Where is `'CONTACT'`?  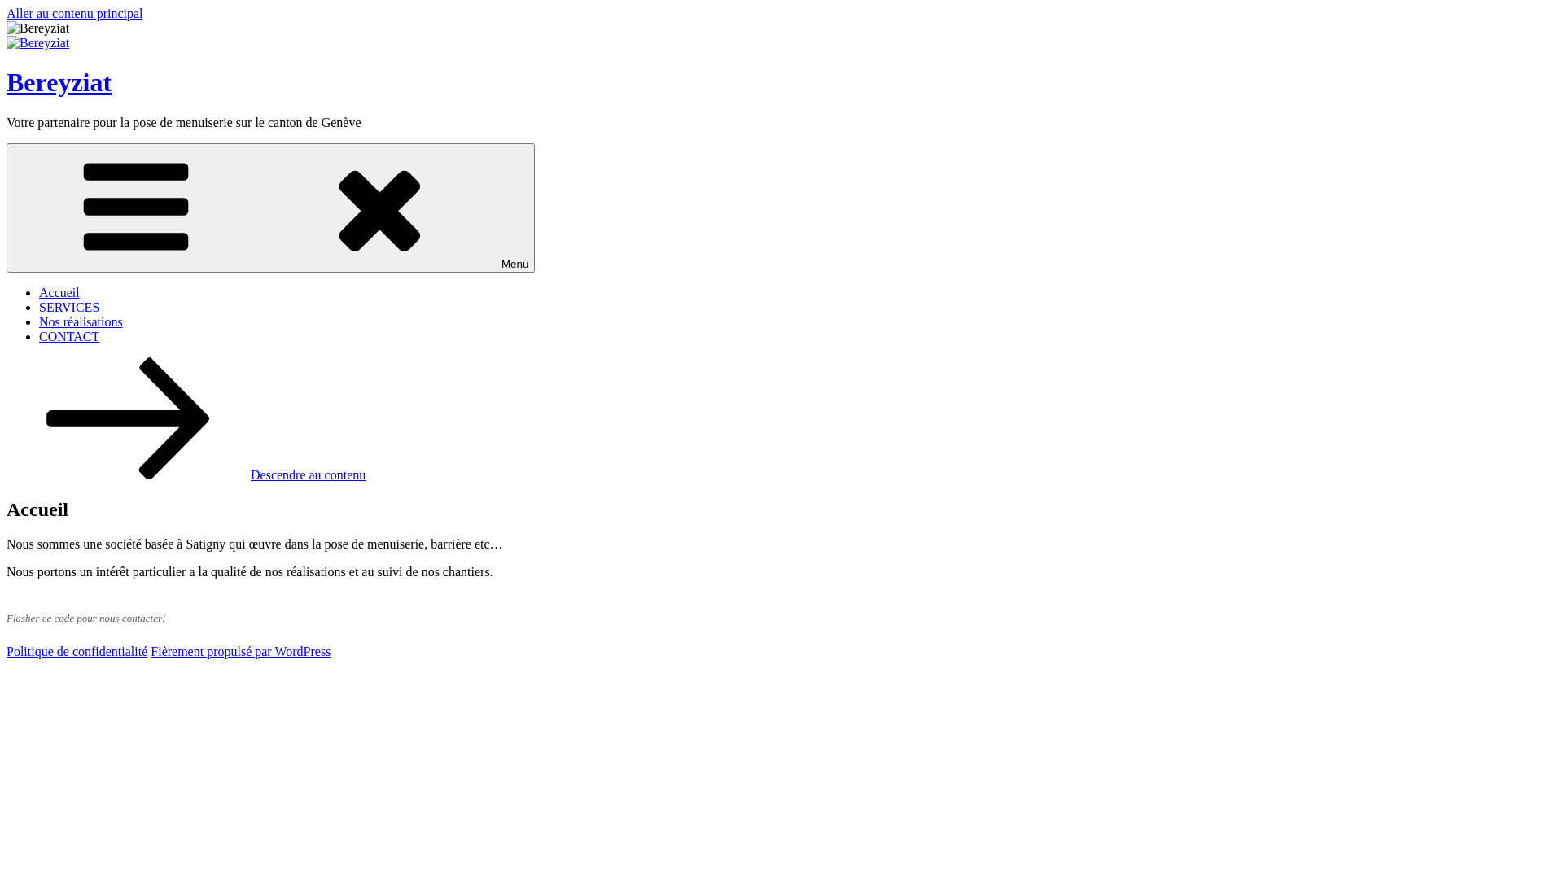
'CONTACT' is located at coordinates (68, 335).